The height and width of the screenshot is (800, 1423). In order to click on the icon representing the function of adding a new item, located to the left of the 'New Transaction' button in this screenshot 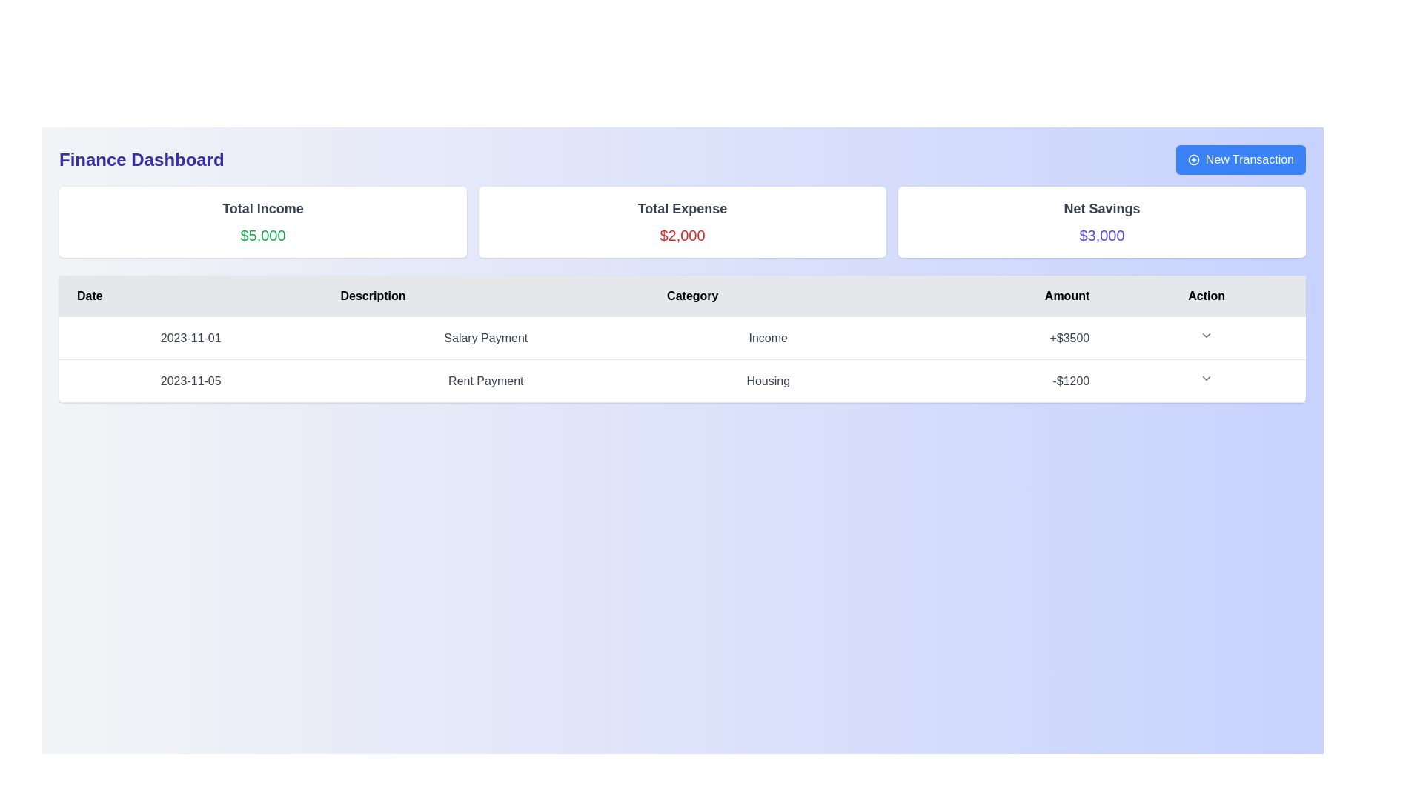, I will do `click(1193, 160)`.